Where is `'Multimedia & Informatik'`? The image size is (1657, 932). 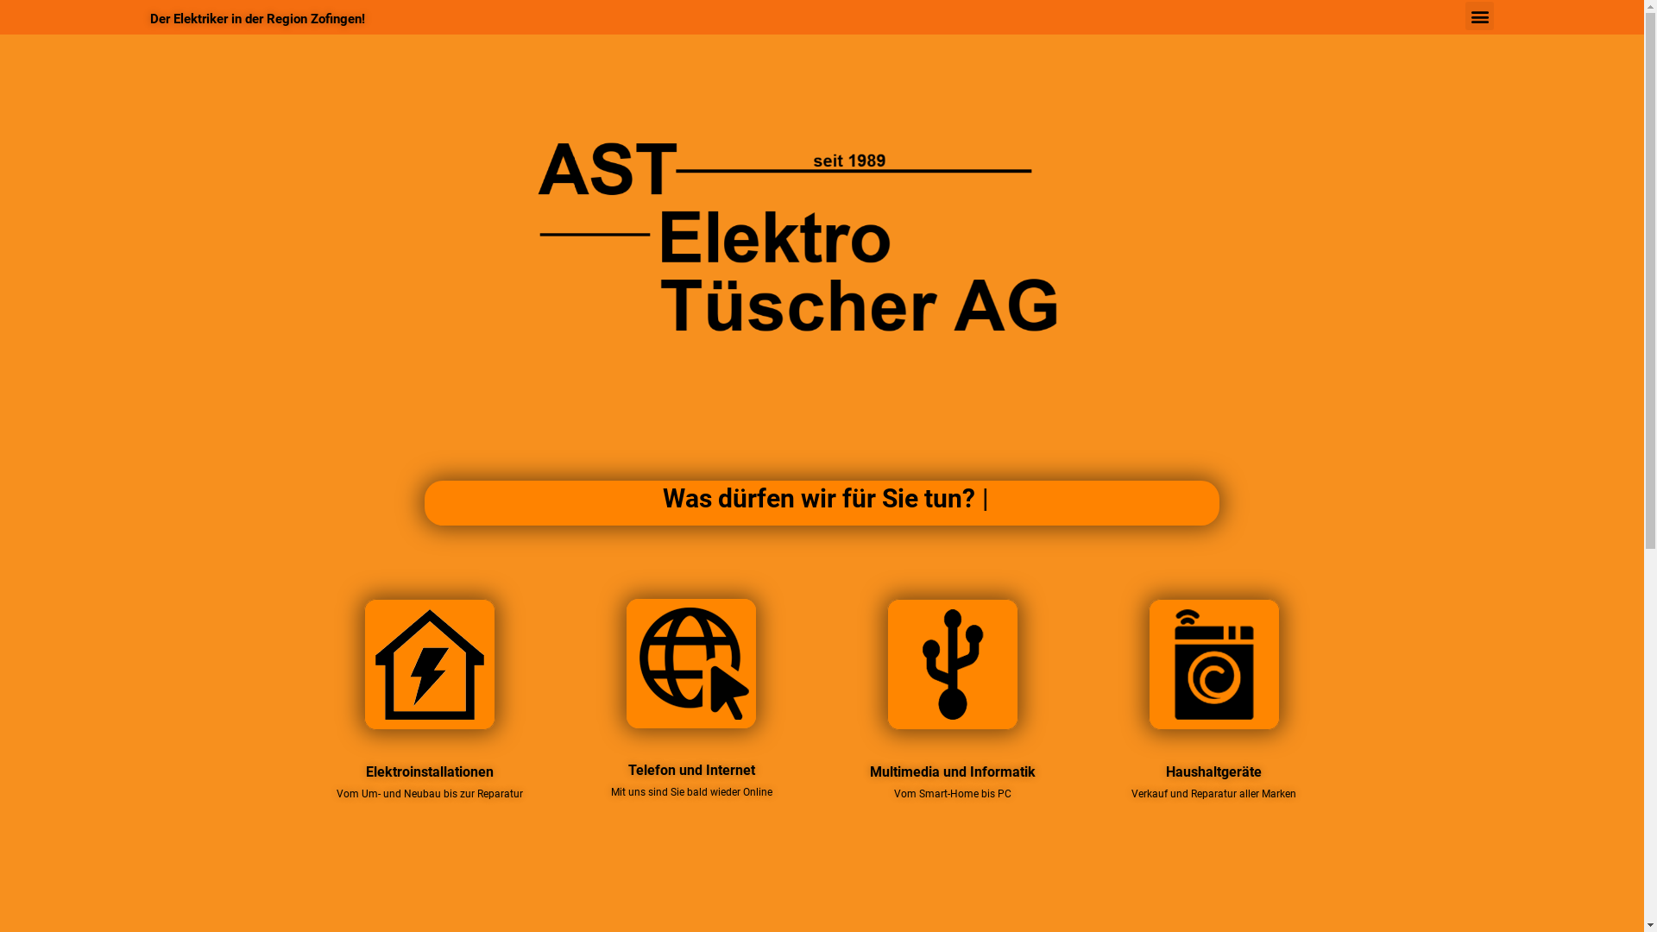
'Multimedia & Informatik' is located at coordinates (952, 664).